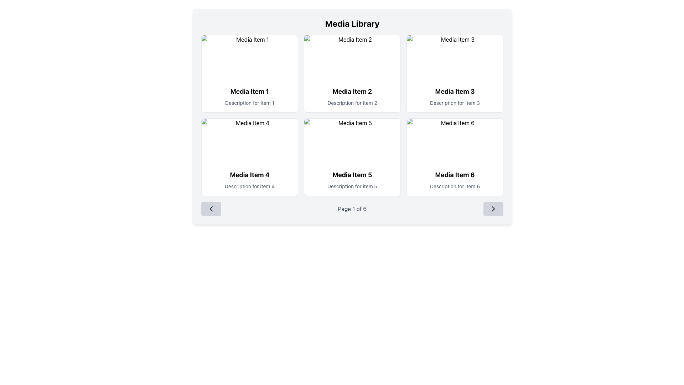 The image size is (684, 385). Describe the element at coordinates (454, 175) in the screenshot. I see `the title text label of the sixth media item, located at the top of the last media item card in the third column of the grid layout` at that location.